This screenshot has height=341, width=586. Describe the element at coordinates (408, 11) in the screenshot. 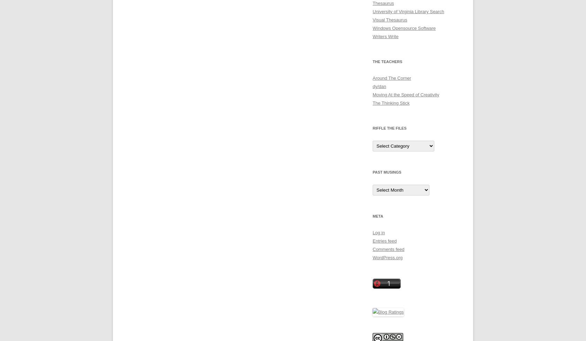

I see `'University of Virginia Library Search'` at that location.